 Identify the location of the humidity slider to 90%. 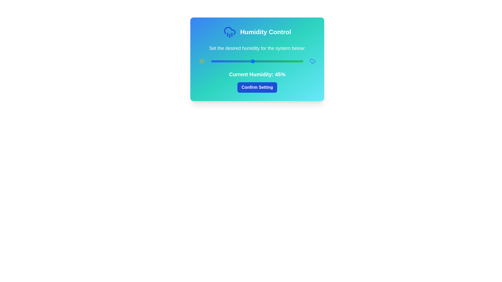
(294, 61).